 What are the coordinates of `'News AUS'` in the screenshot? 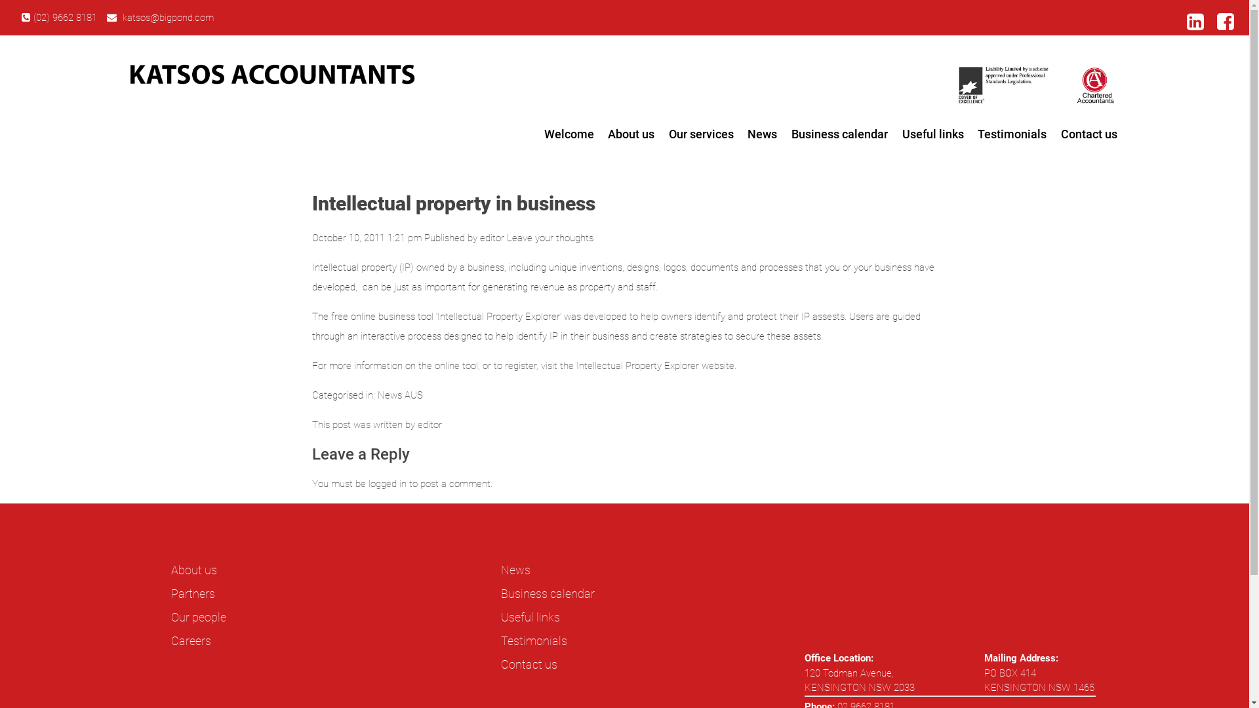 It's located at (377, 394).